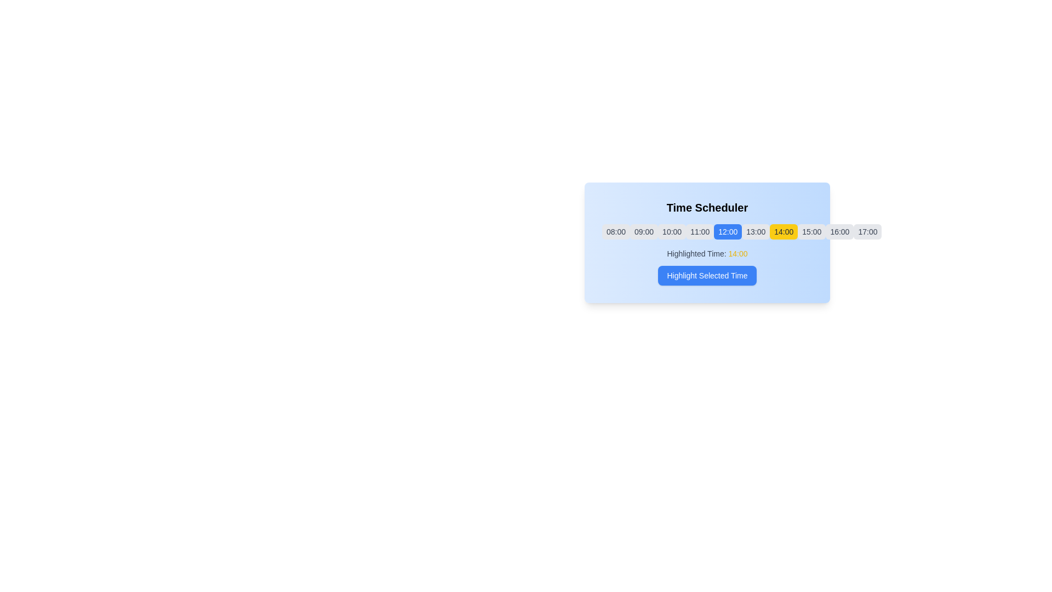 Image resolution: width=1052 pixels, height=592 pixels. I want to click on the '17:00' button, which is a rectangular button with a light gray background and rounded corners, so click(867, 231).